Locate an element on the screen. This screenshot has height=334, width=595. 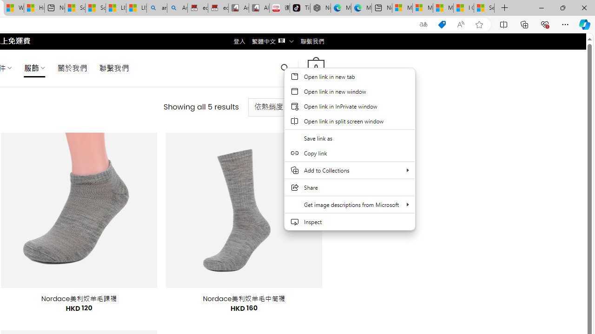
'Open link in InPrivate window' is located at coordinates (349, 105).